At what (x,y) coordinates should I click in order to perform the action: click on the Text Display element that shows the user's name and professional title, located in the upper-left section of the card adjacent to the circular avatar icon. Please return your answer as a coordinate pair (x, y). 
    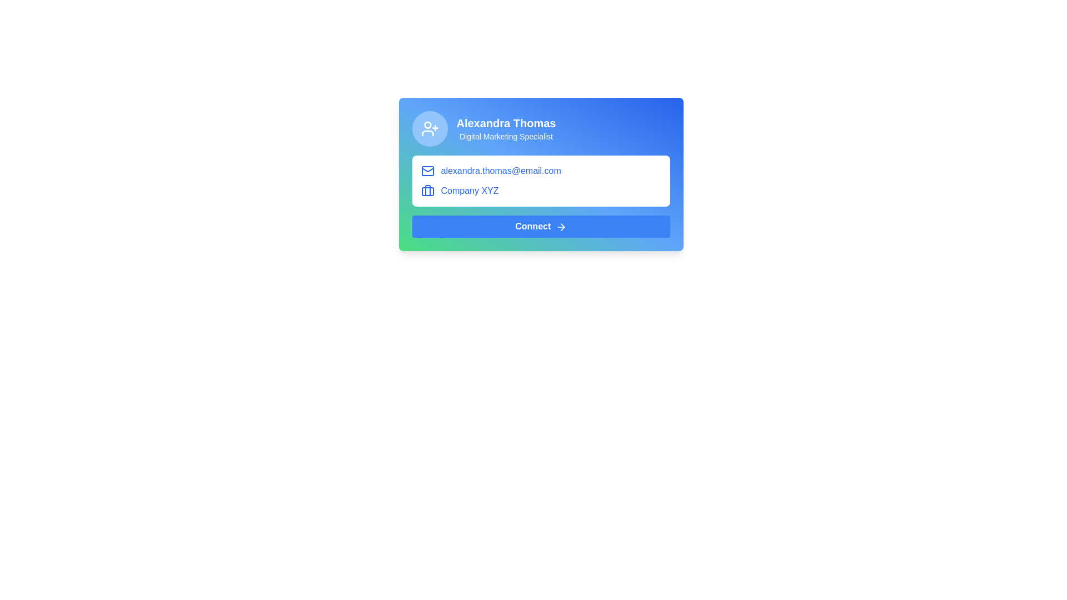
    Looking at the image, I should click on (506, 128).